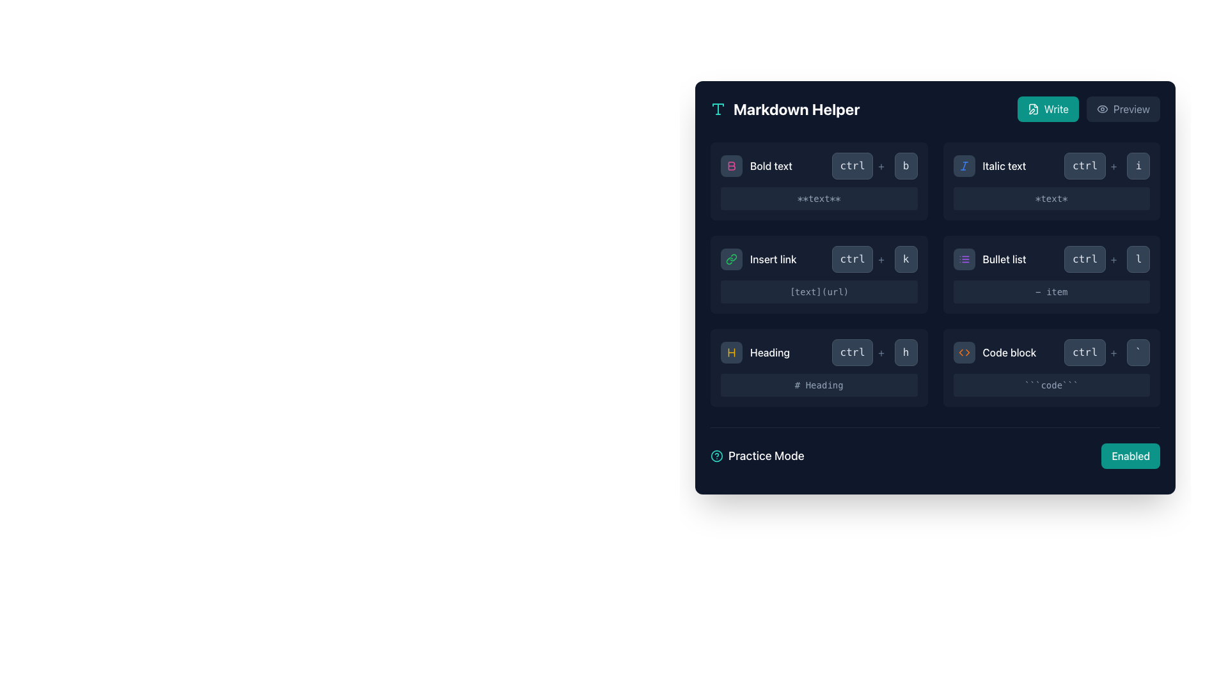 This screenshot has height=690, width=1228. What do you see at coordinates (756, 165) in the screenshot?
I see `the label with bold-styled text 'Bold text' and the pink 'B' icon, which is located in the top left sector of the interface, next to the 'ctrl + b' combination indicator` at bounding box center [756, 165].